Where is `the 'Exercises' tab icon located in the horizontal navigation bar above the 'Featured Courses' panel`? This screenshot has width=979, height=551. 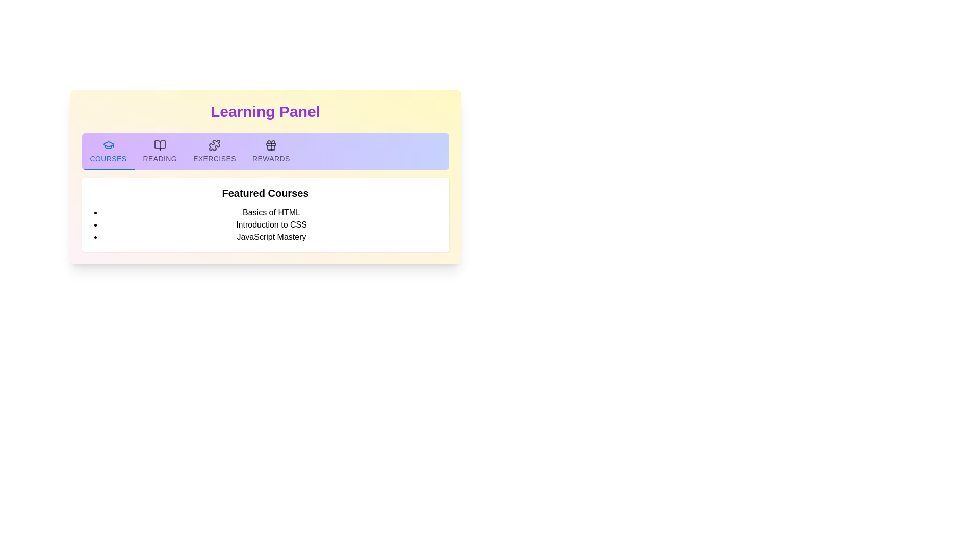
the 'Exercises' tab icon located in the horizontal navigation bar above the 'Featured Courses' panel is located at coordinates (214, 145).